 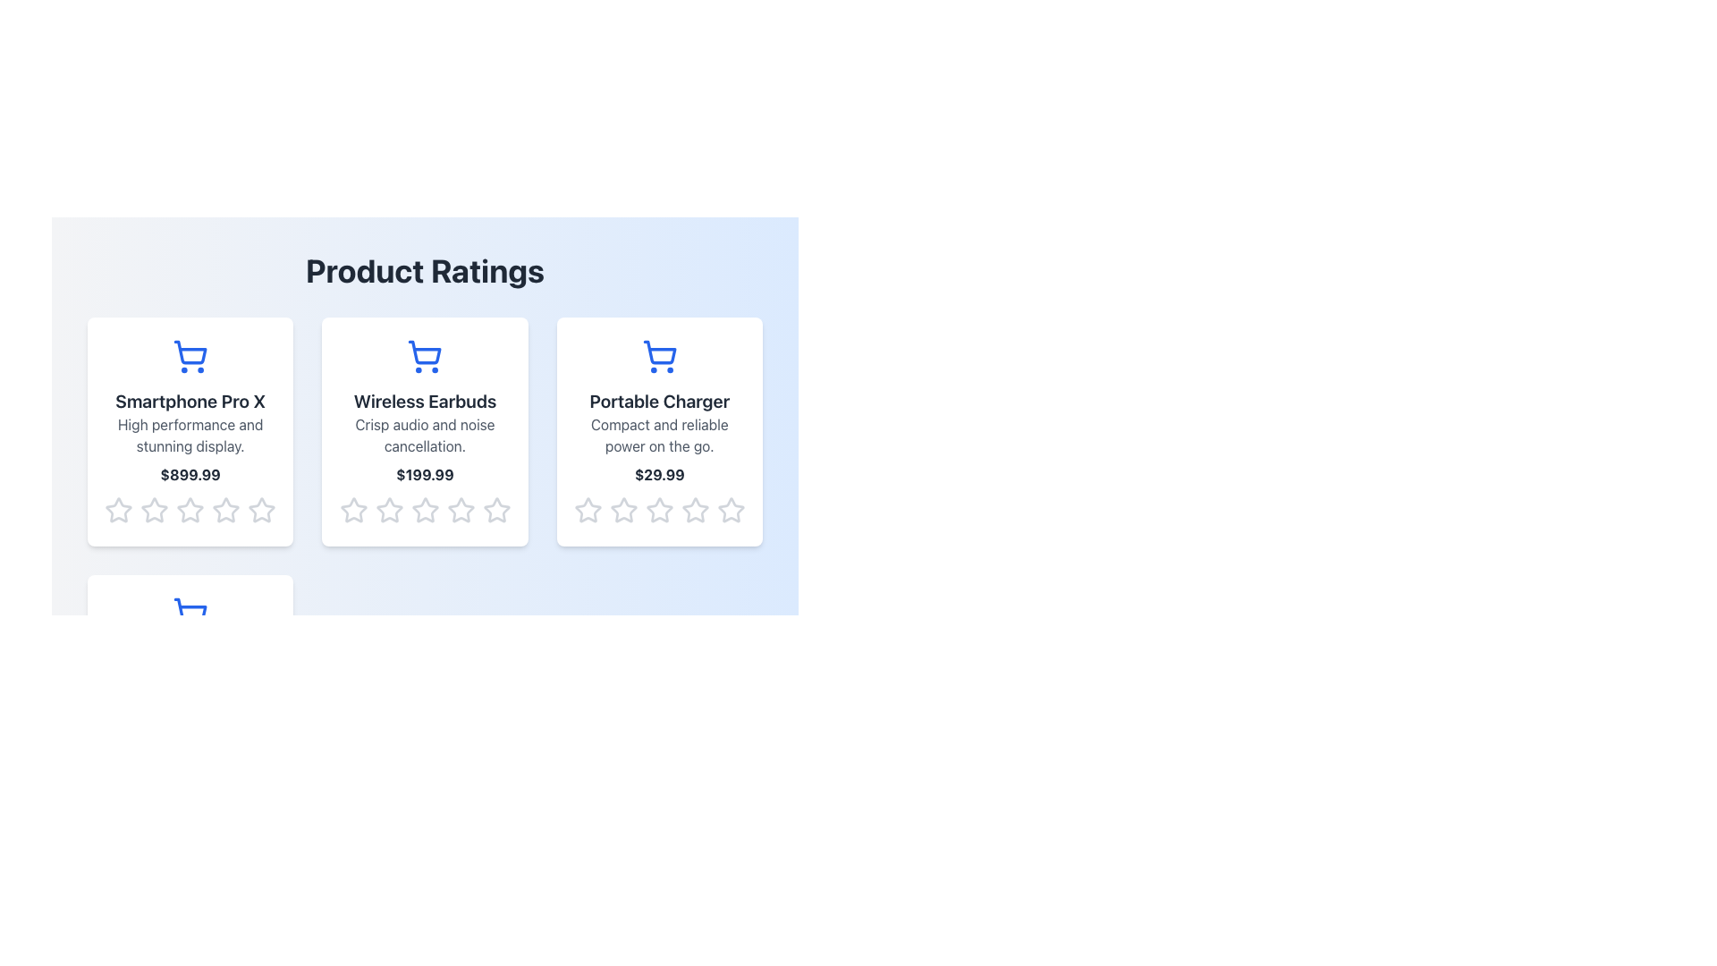 What do you see at coordinates (118, 510) in the screenshot?
I see `the first star-shaped rating icon in the rating component located beneath the product description for the Smartphone Pro X` at bounding box center [118, 510].